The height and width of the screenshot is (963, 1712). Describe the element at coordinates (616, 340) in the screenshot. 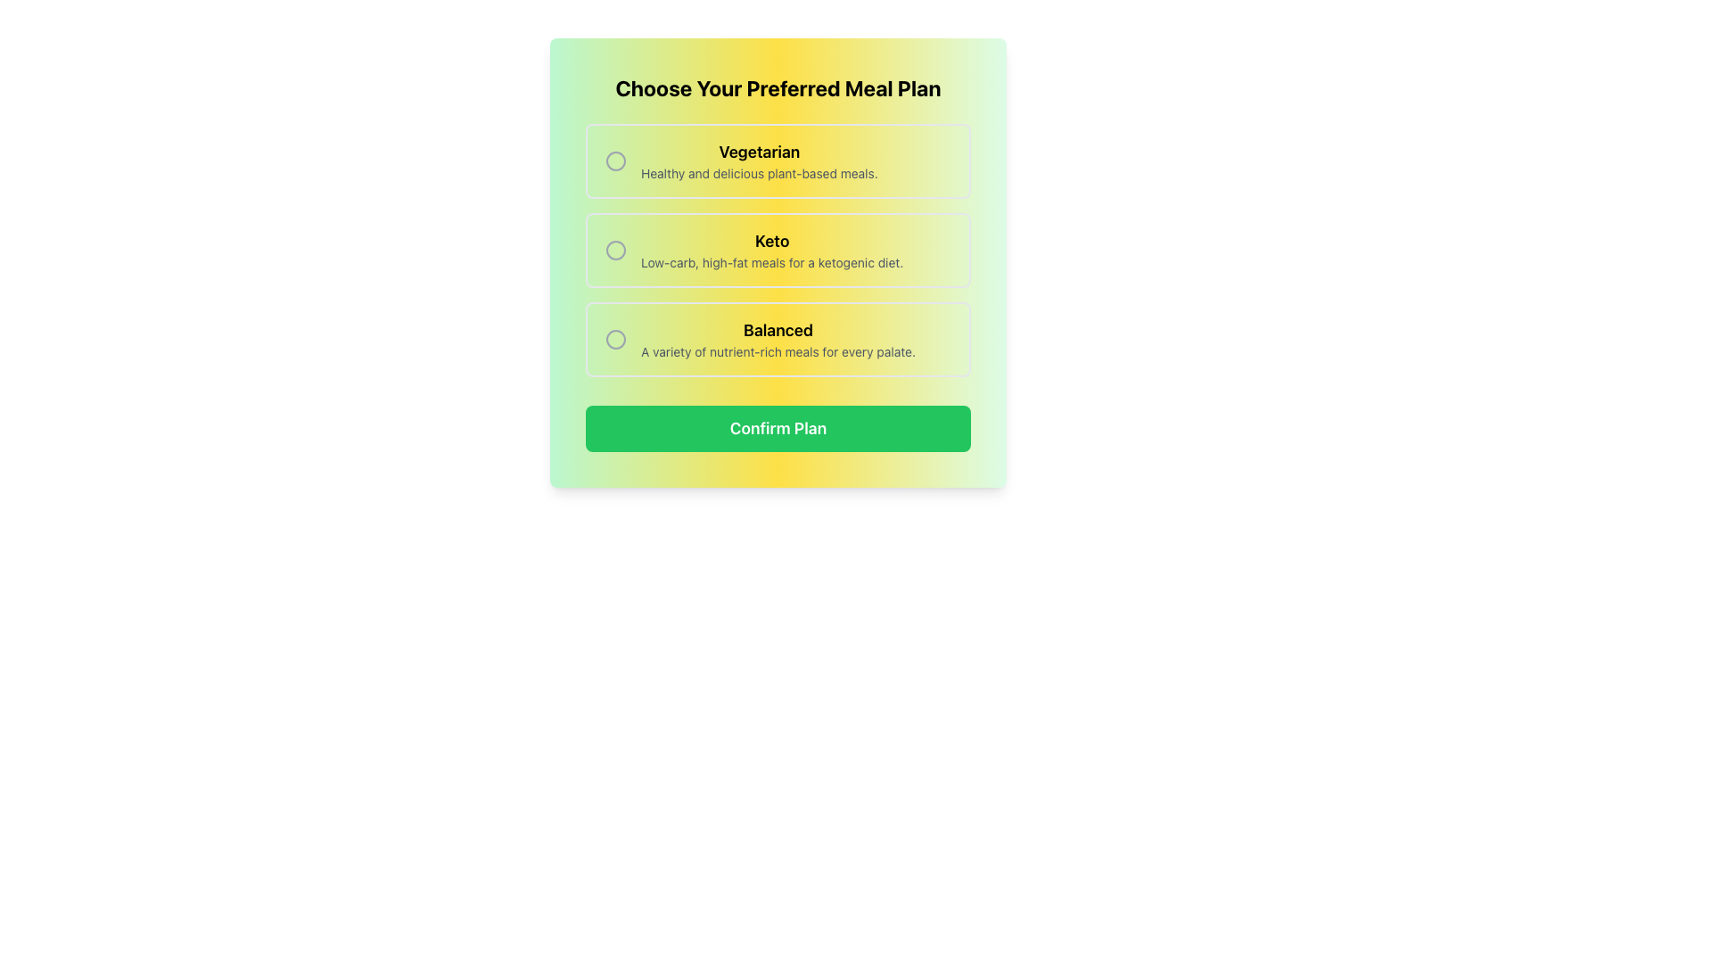

I see `the unselected circular radio button for the 'Balanced' meal plan option` at that location.